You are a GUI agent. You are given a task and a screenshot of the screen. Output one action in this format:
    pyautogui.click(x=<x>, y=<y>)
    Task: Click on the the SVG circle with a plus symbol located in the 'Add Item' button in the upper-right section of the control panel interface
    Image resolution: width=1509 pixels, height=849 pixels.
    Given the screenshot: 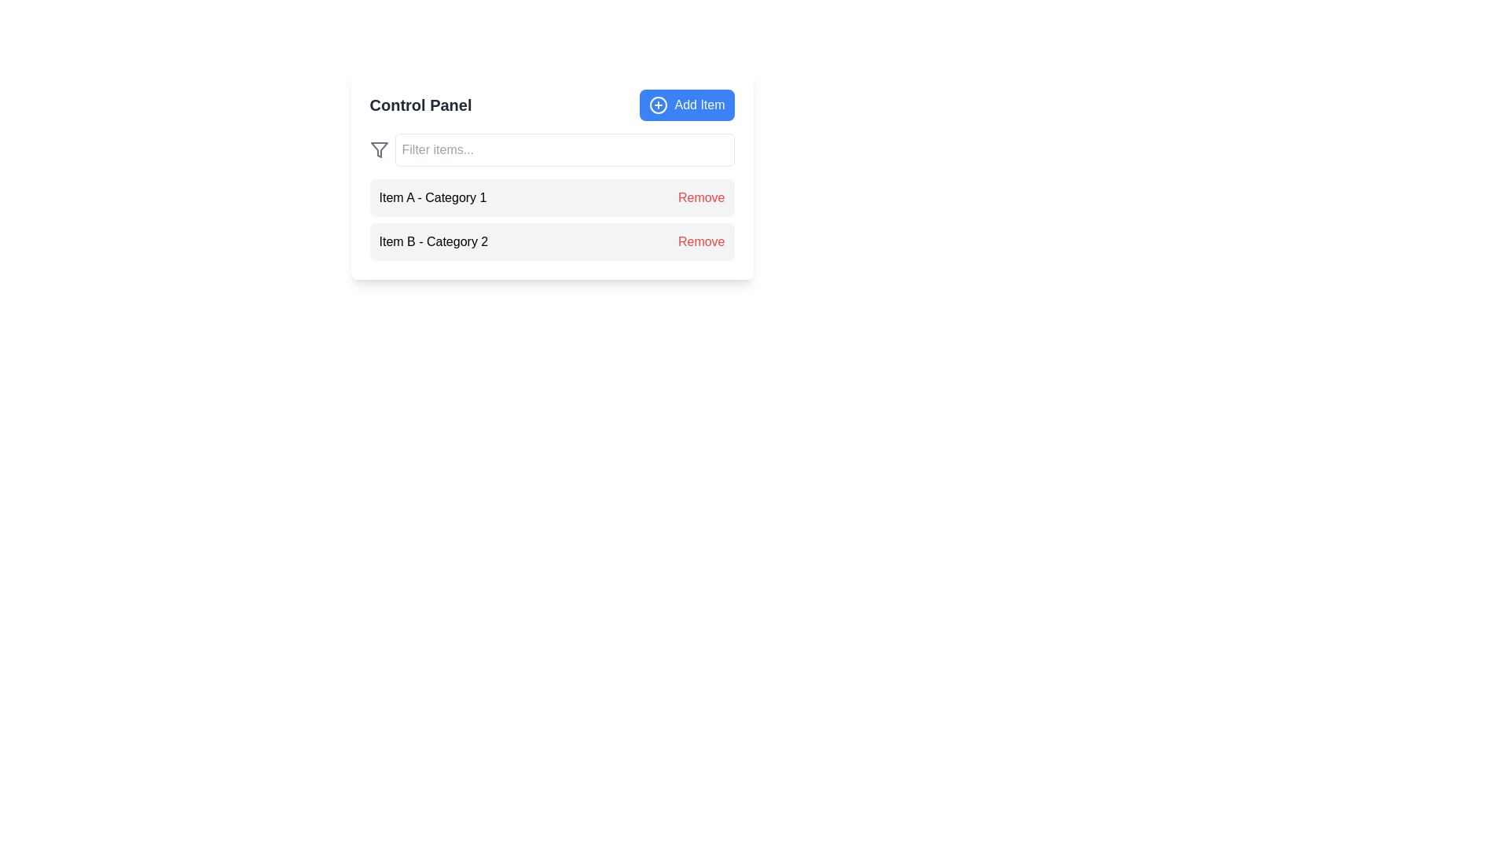 What is the action you would take?
    pyautogui.click(x=659, y=105)
    